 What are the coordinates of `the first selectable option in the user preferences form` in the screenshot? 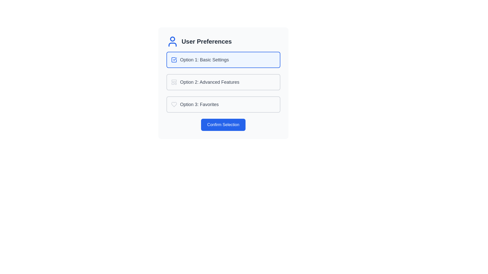 It's located at (223, 59).